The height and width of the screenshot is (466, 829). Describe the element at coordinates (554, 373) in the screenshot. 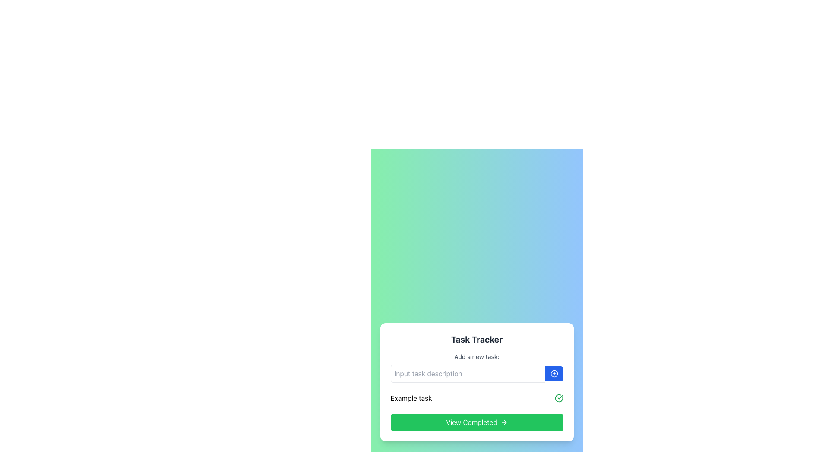

I see `the Circular 'Add' button located to the right of the 'Input task description' text field` at that location.